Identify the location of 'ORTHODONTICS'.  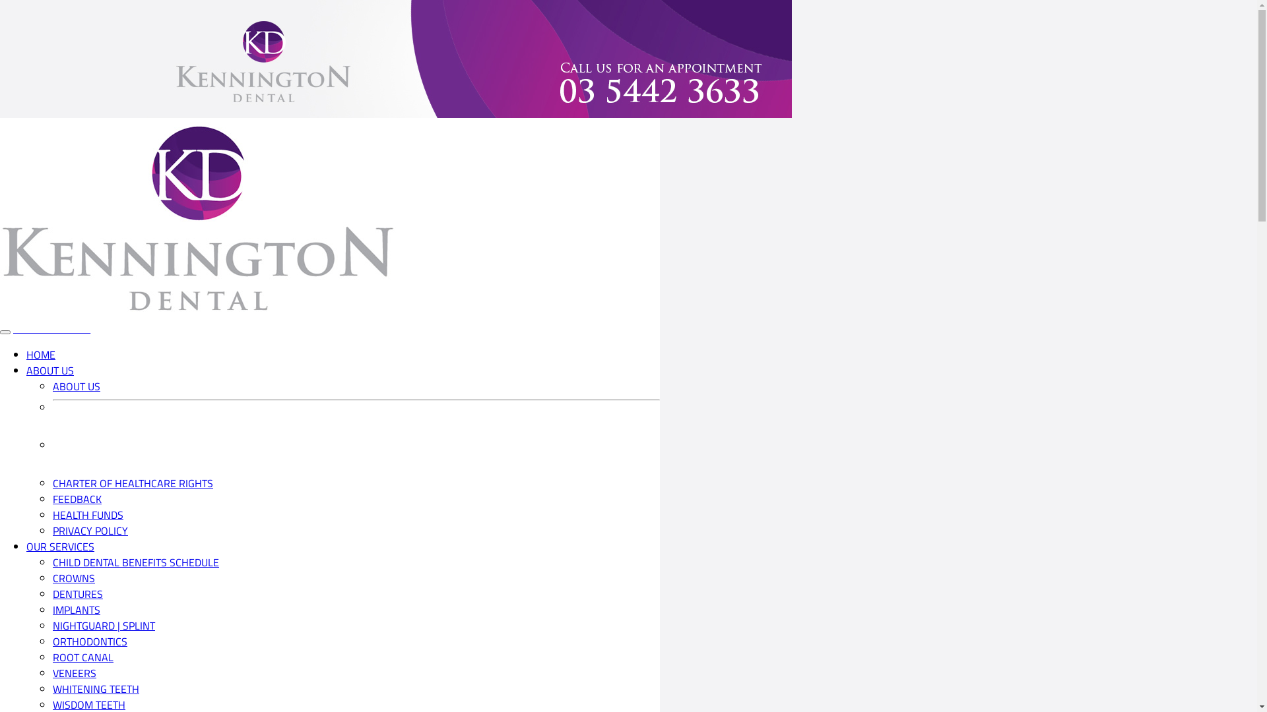
(53, 640).